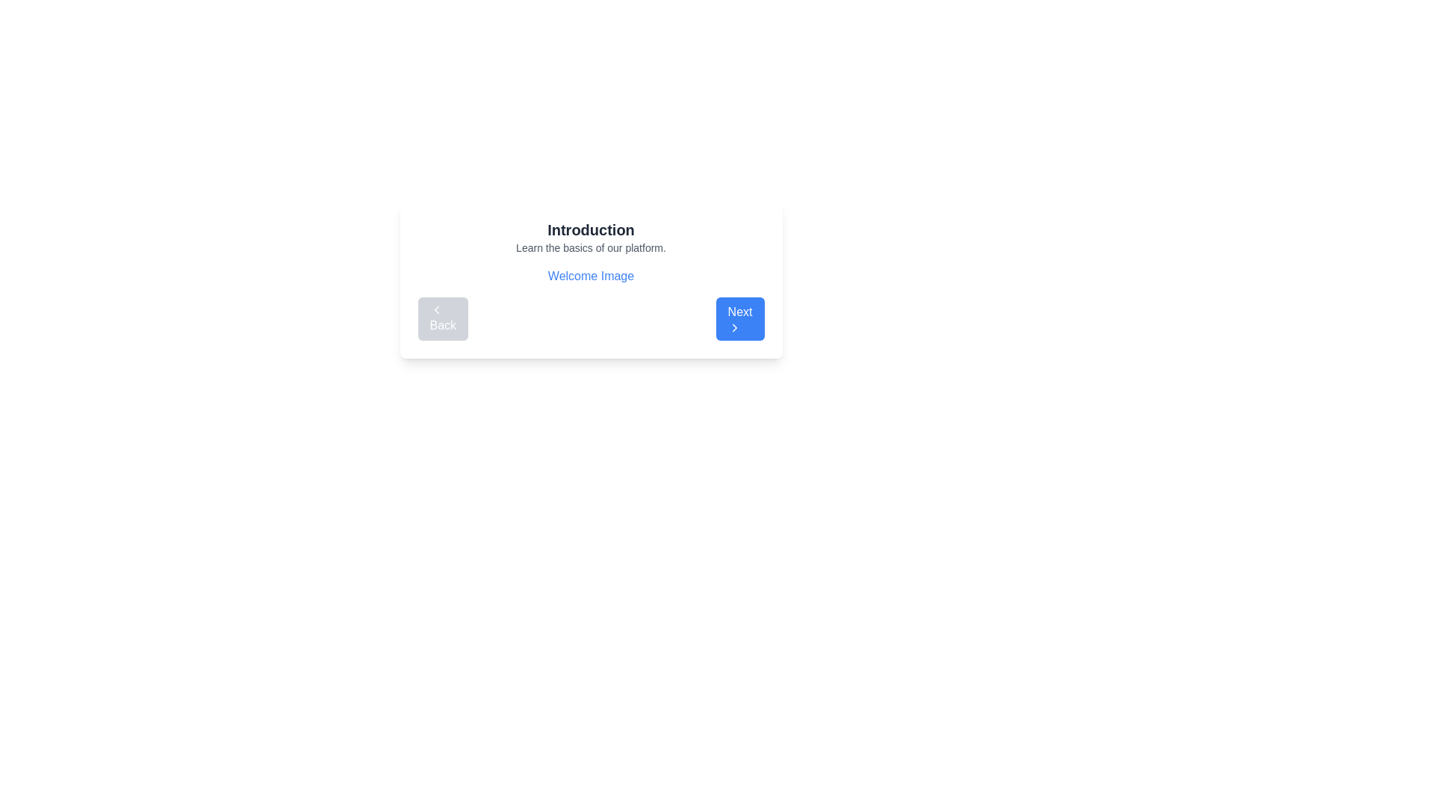 This screenshot has height=807, width=1434. Describe the element at coordinates (590, 236) in the screenshot. I see `informational text from the text block titled 'Introduction' that contains a subtitle 'Learn the basics of our platform.'` at that location.